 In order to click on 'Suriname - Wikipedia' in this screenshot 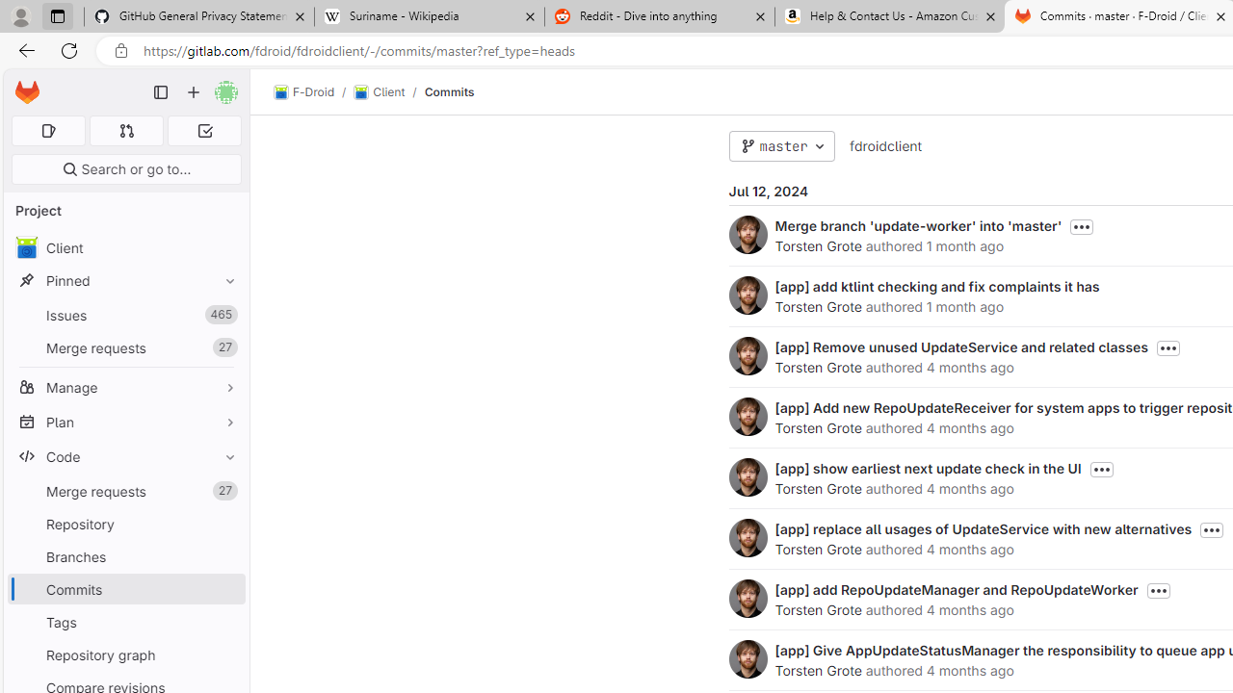, I will do `click(428, 16)`.